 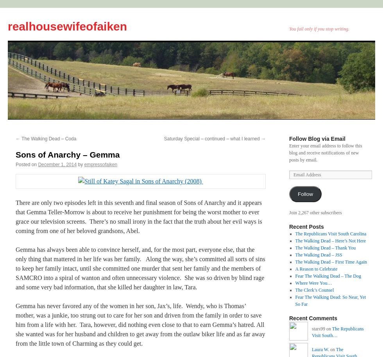 I want to click on 'Sons of Anarchy – Gemma', so click(x=67, y=154).